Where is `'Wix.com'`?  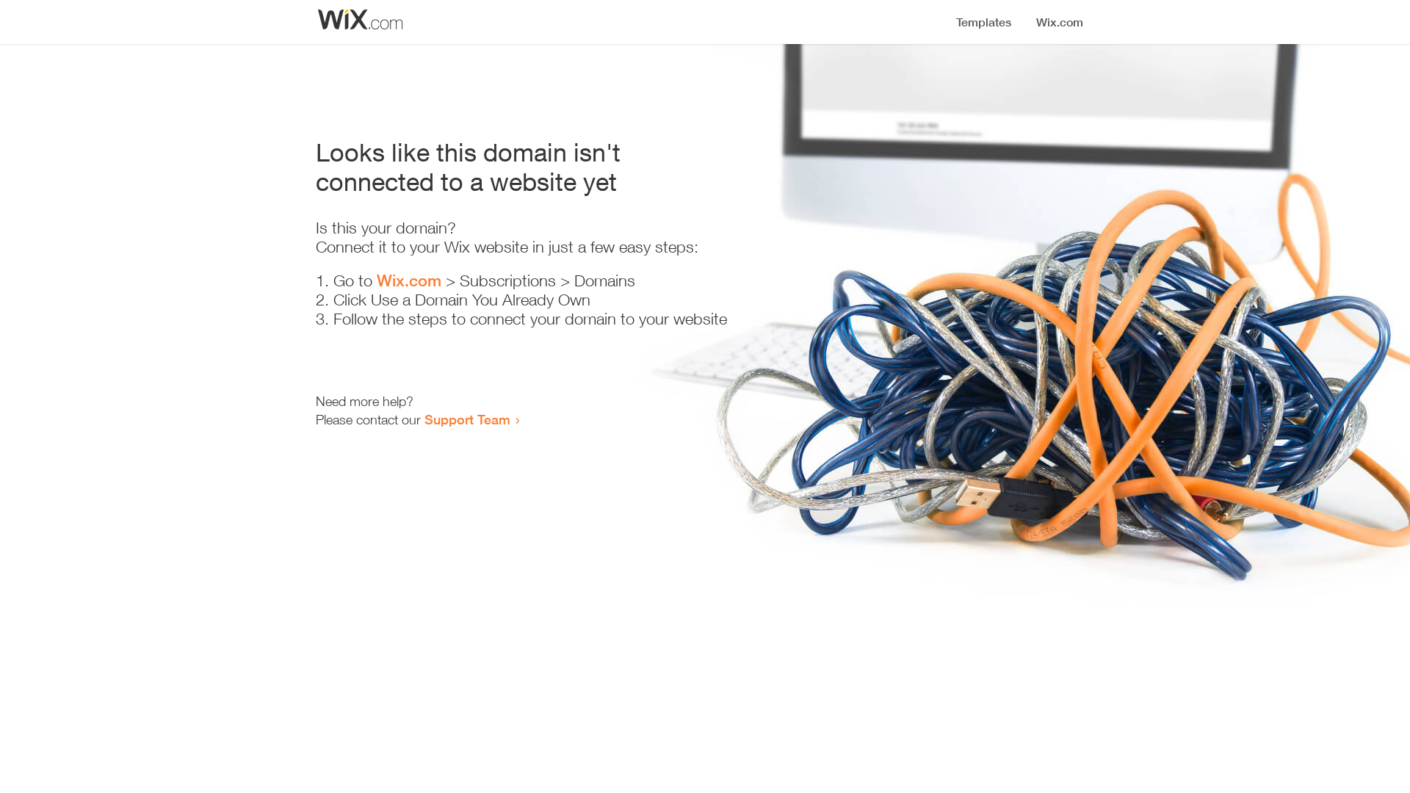 'Wix.com' is located at coordinates (408, 280).